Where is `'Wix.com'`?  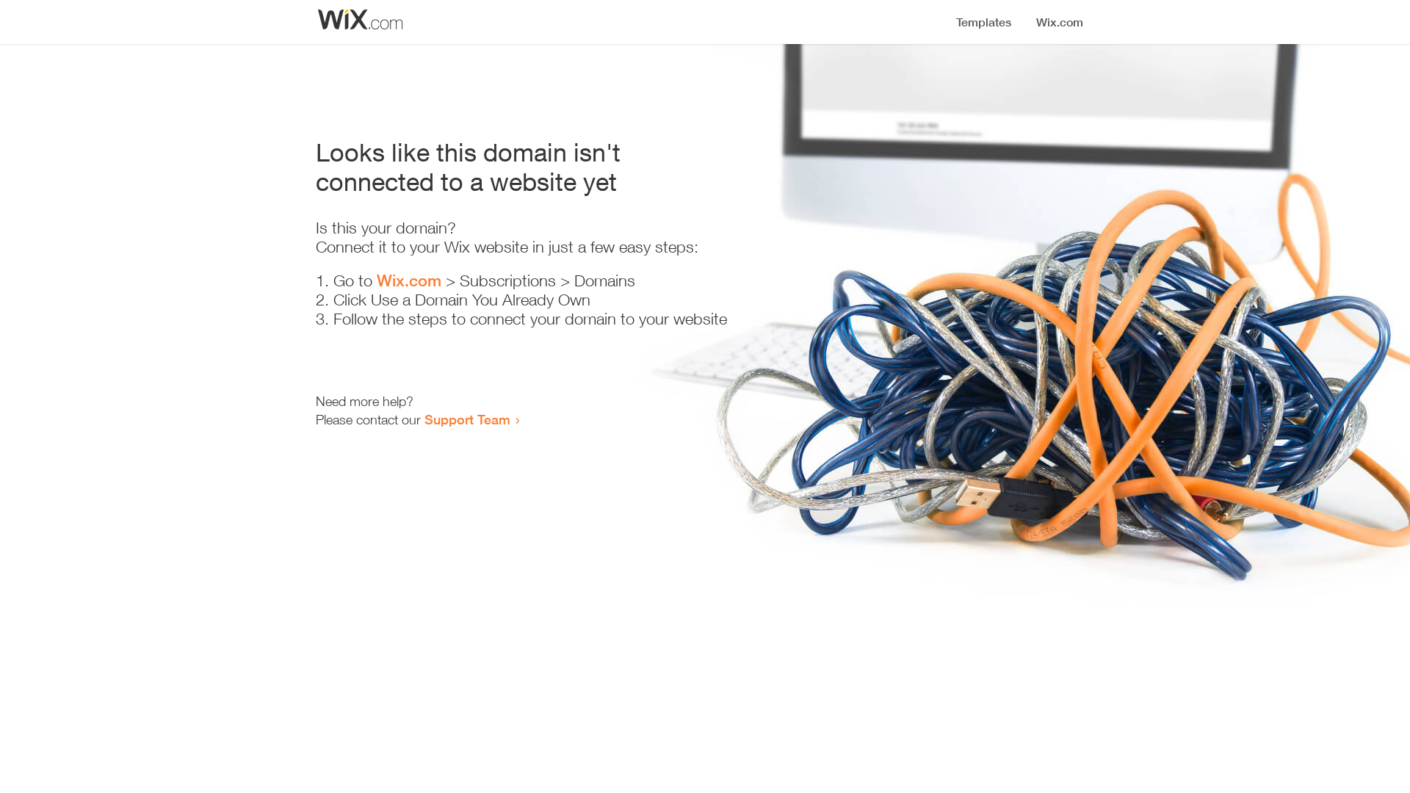 'Wix.com' is located at coordinates (408, 280).